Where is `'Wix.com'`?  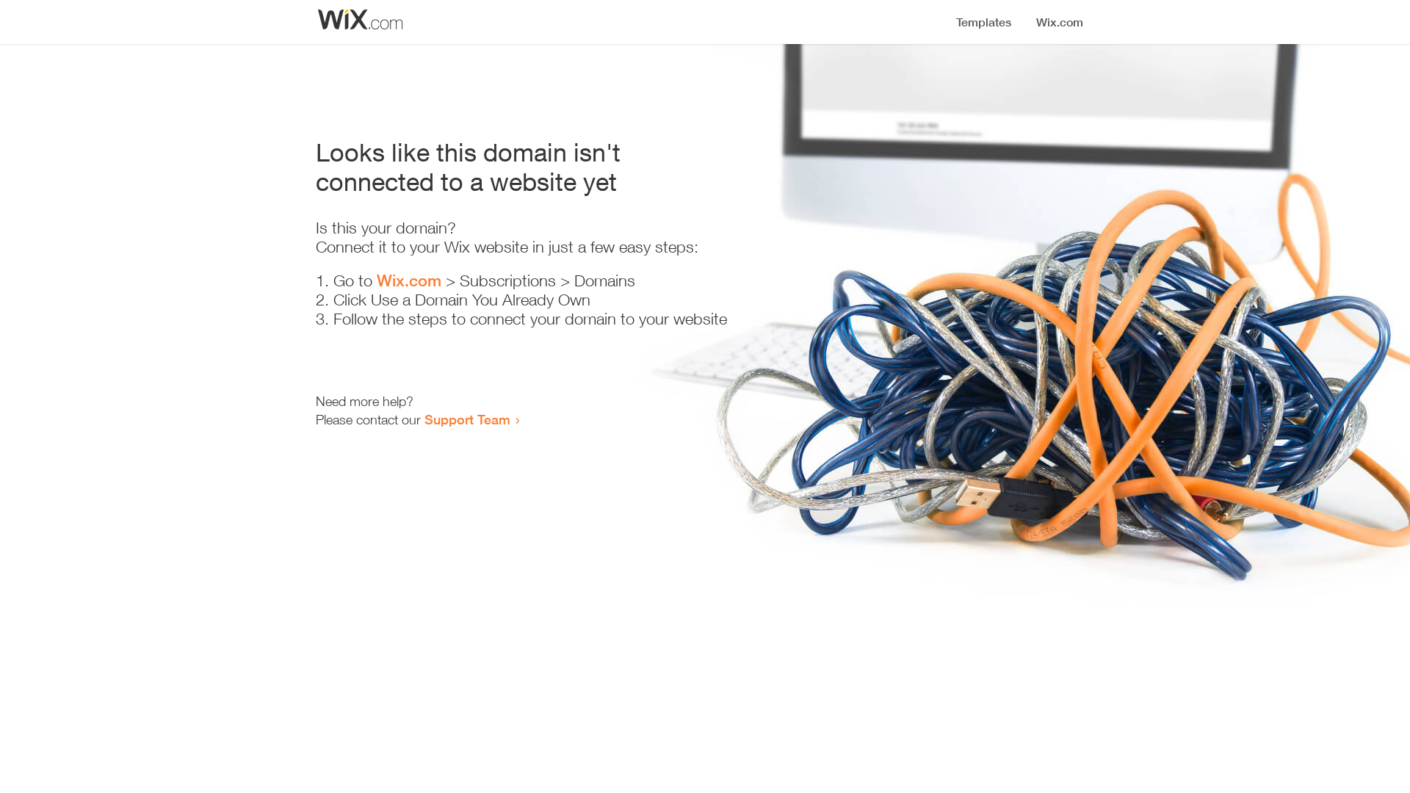 'Wix.com' is located at coordinates (408, 280).